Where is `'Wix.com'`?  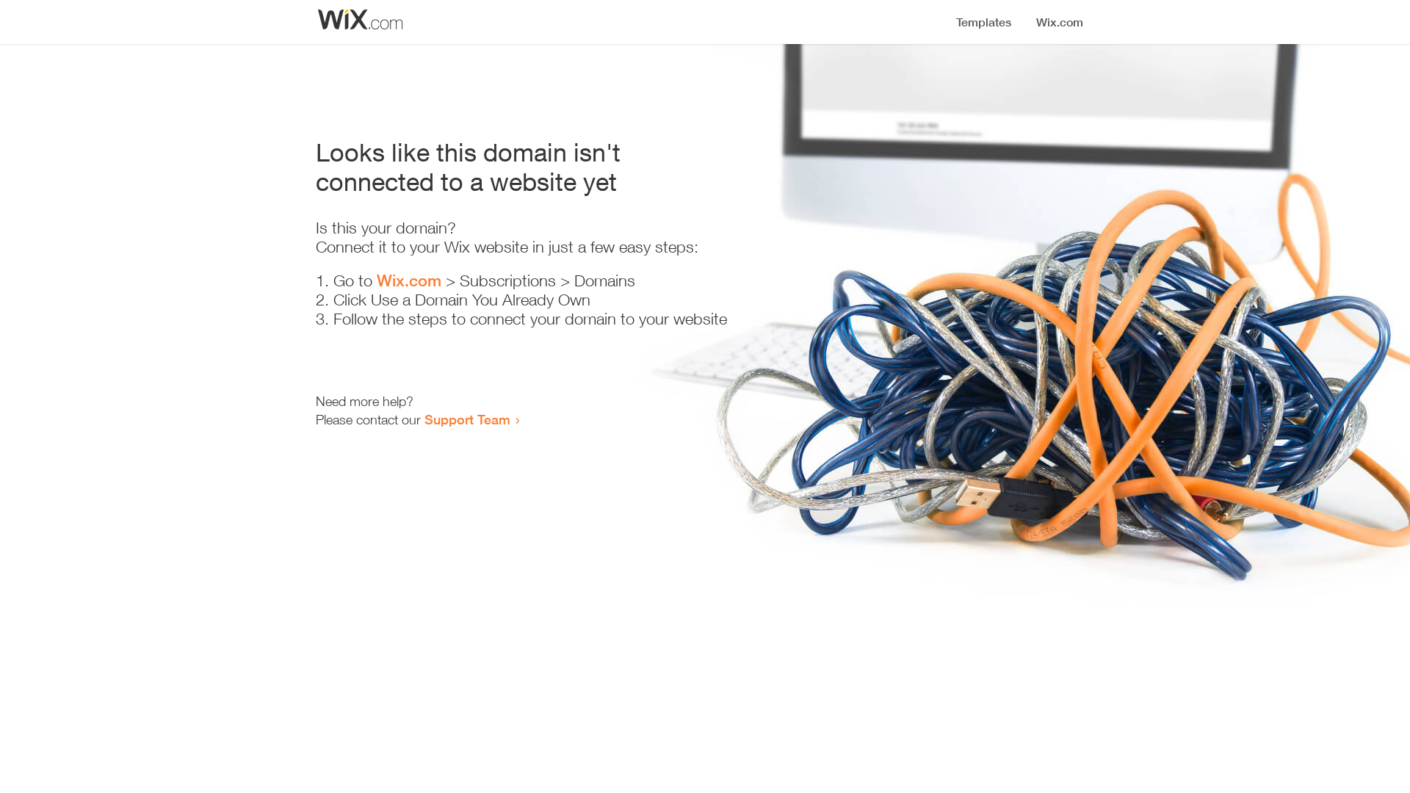 'Wix.com' is located at coordinates (408, 280).